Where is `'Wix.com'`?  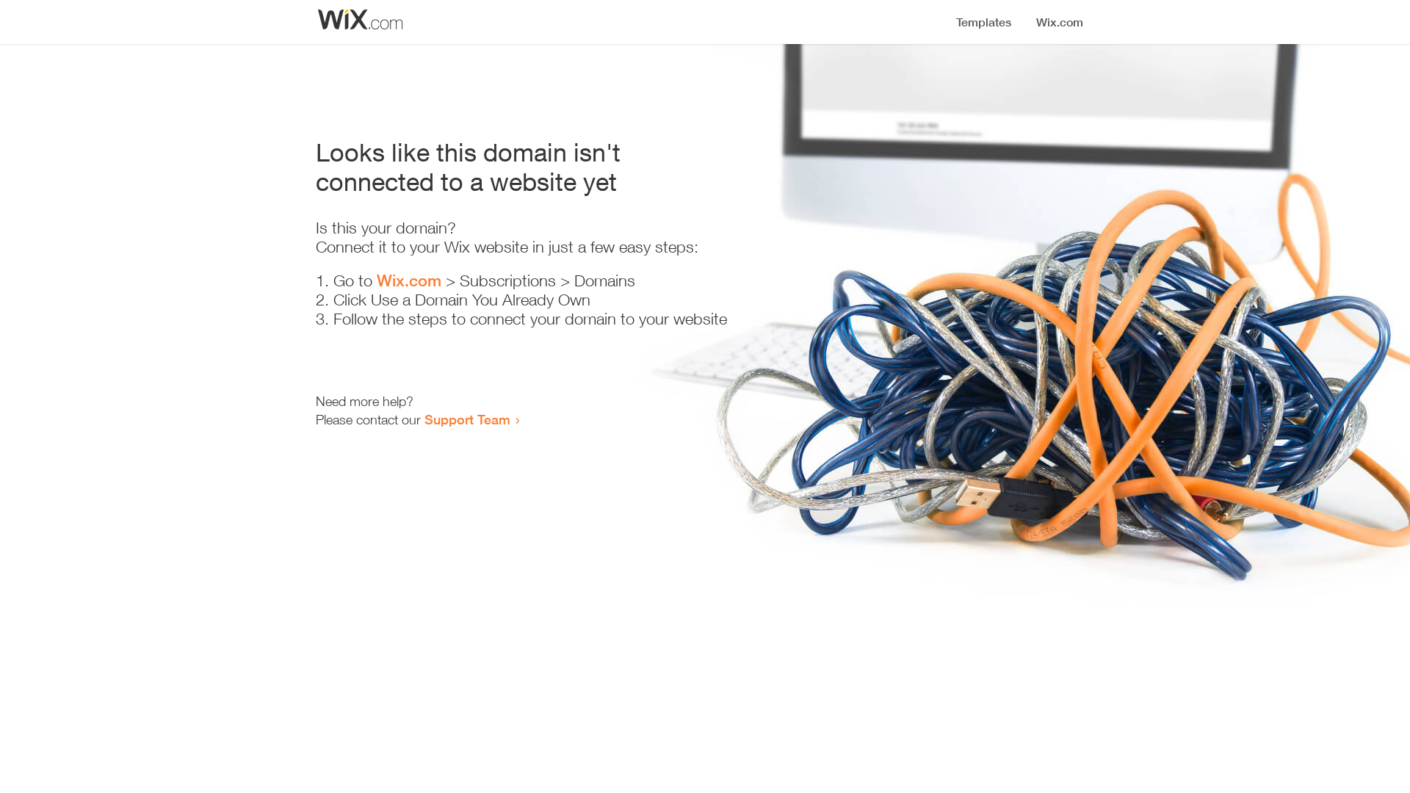 'Wix.com' is located at coordinates (408, 280).